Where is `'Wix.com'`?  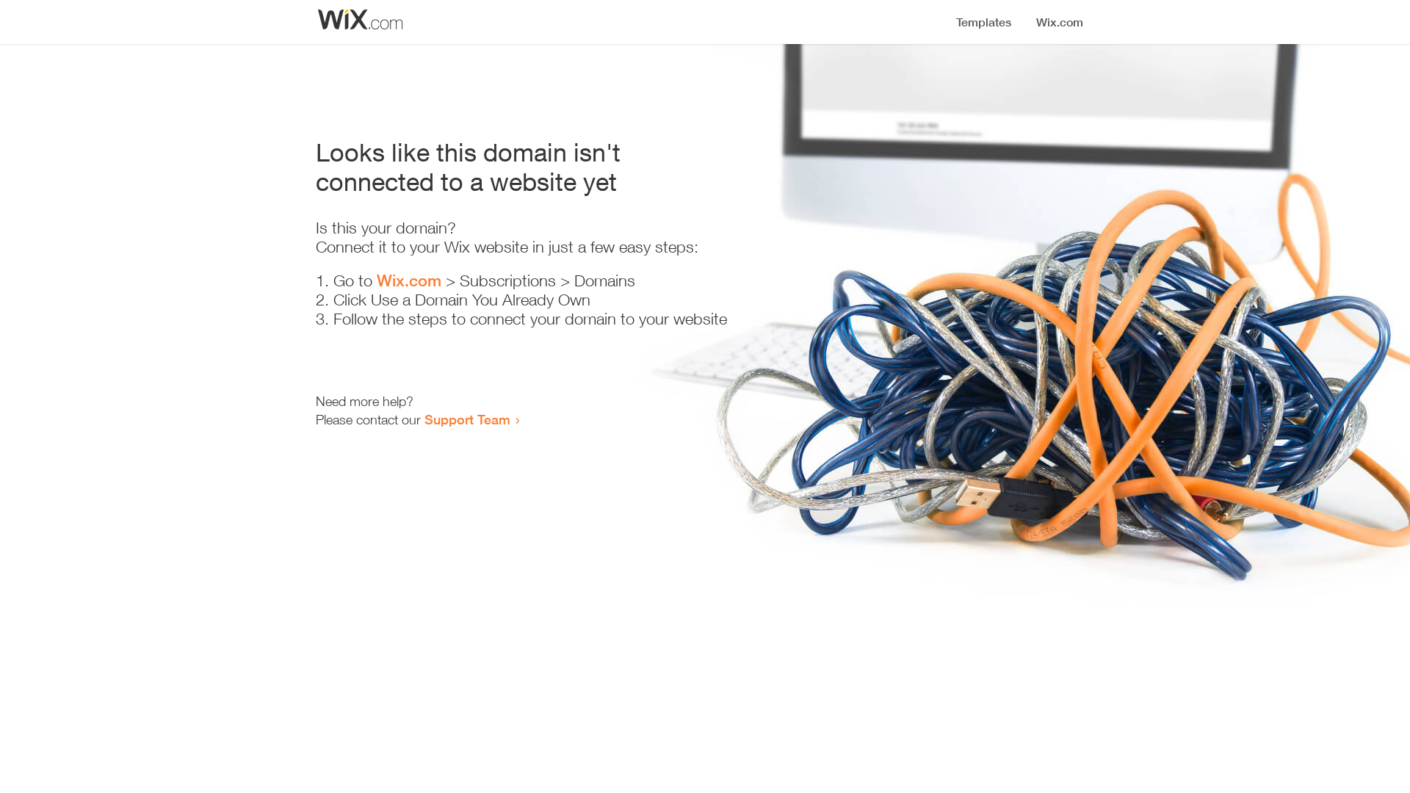 'Wix.com' is located at coordinates (408, 280).